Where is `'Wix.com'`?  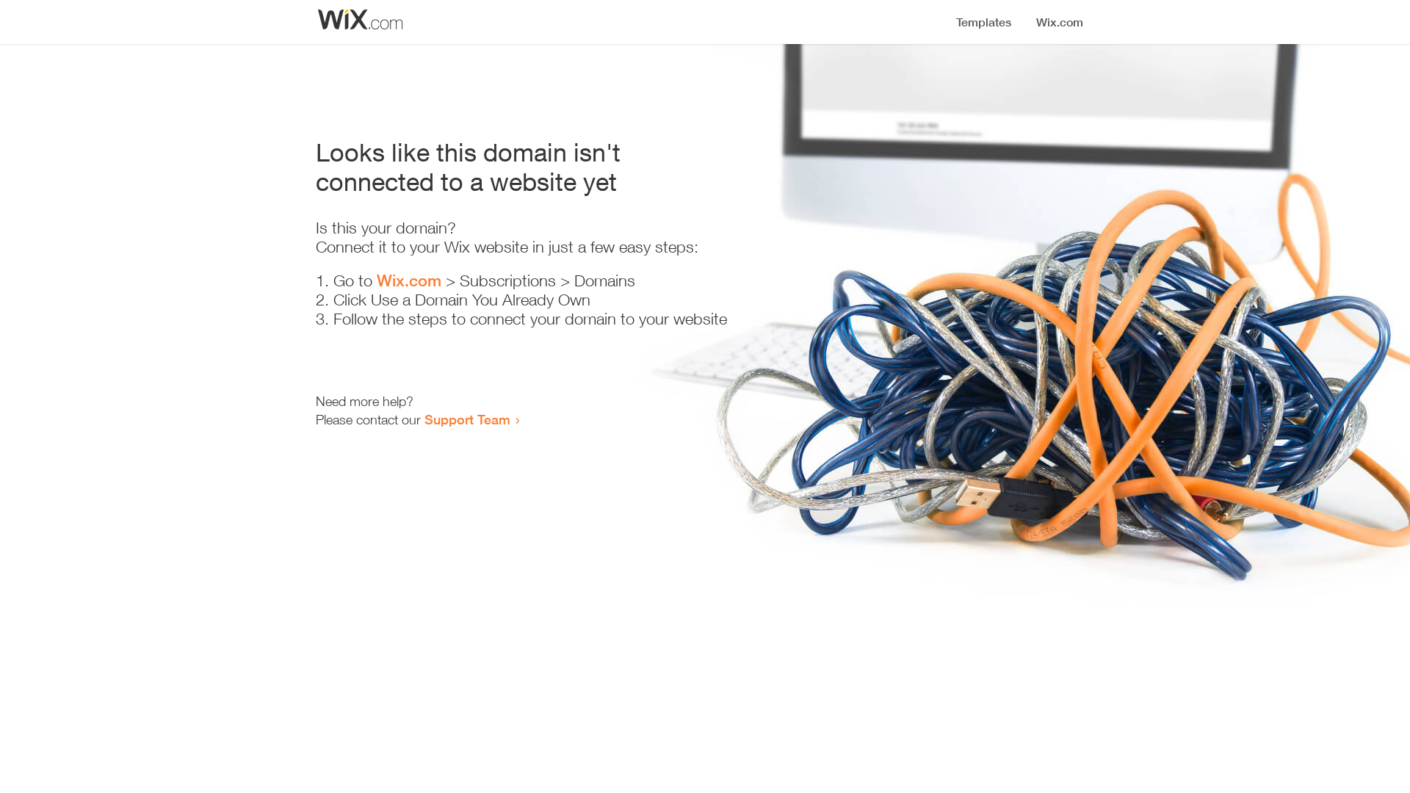 'Wix.com' is located at coordinates (408, 280).